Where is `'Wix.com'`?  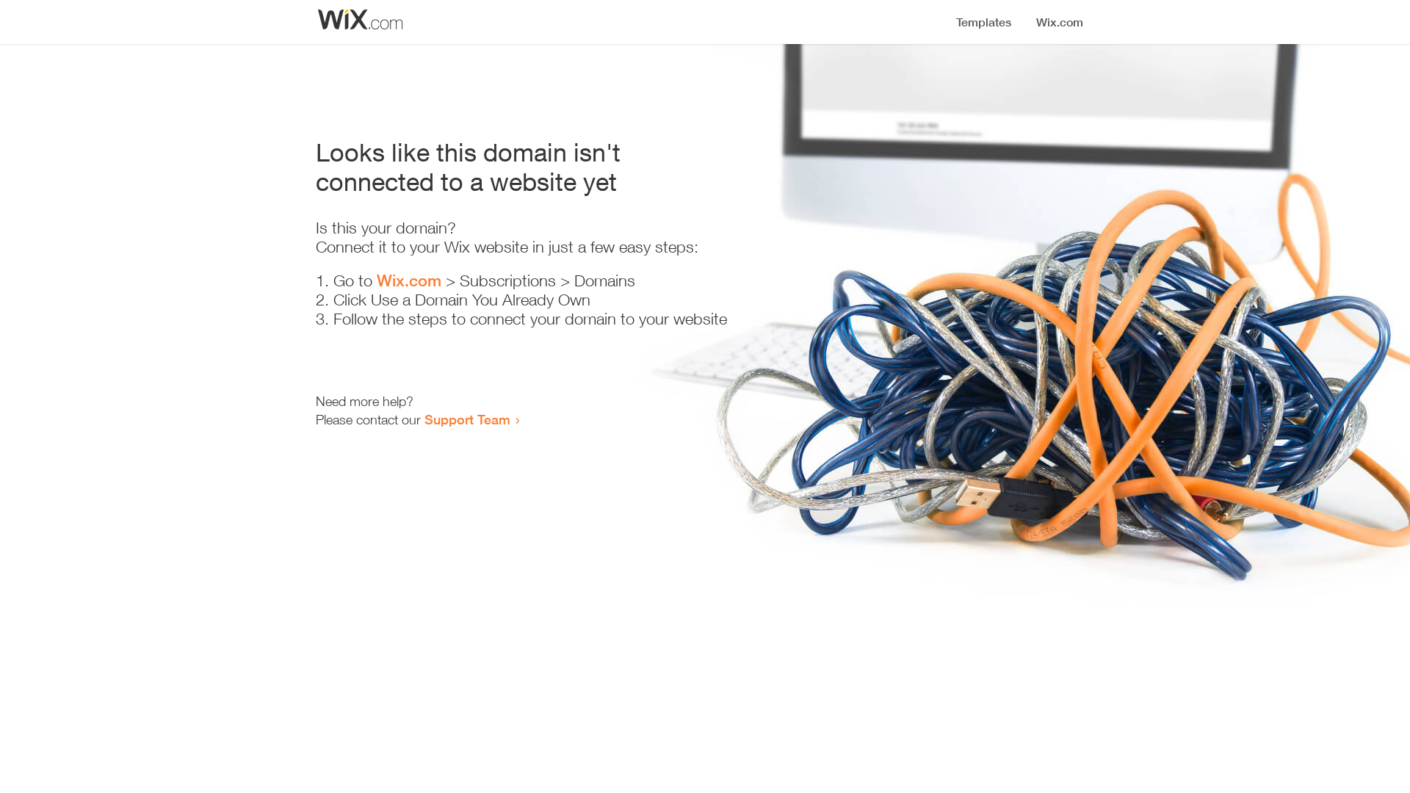 'Wix.com' is located at coordinates (408, 280).